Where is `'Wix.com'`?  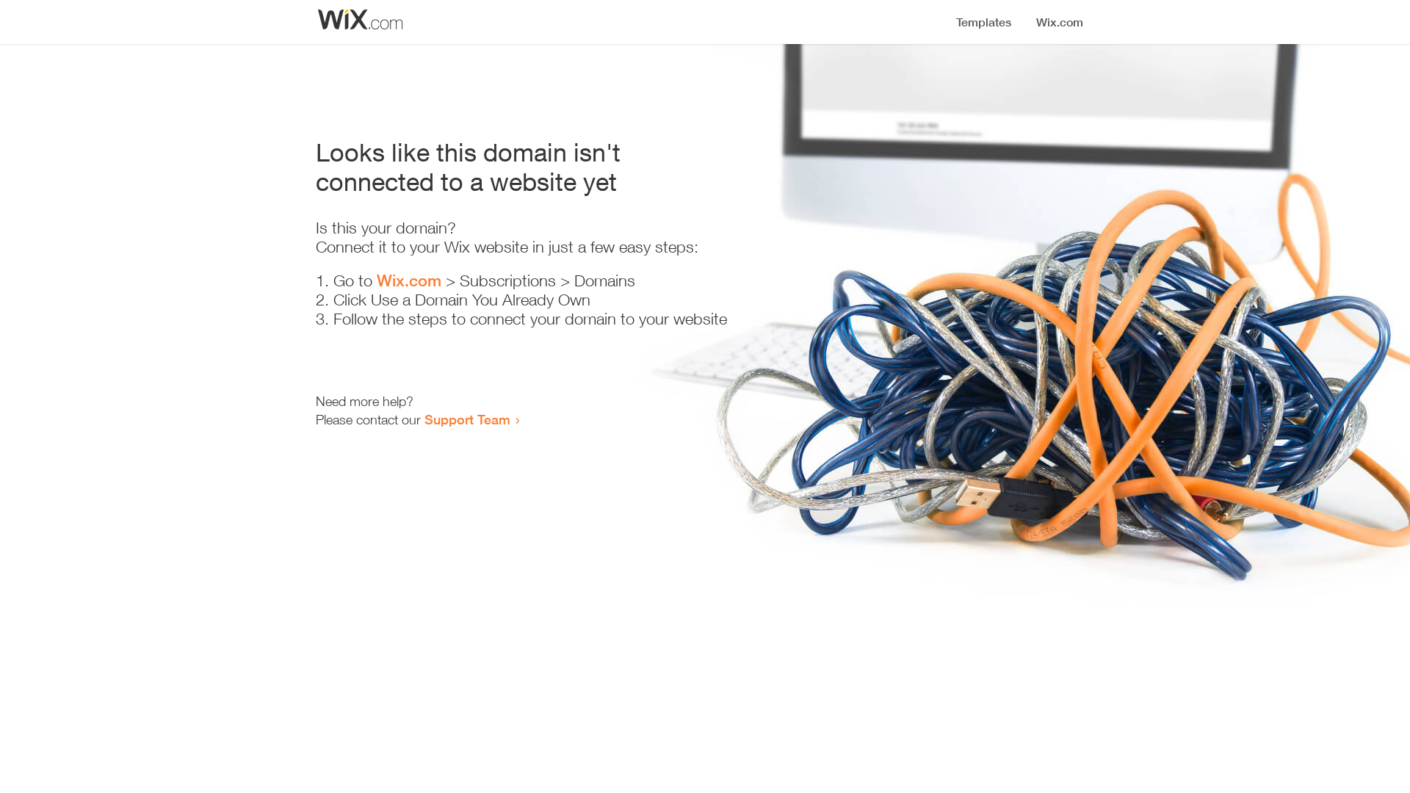 'Wix.com' is located at coordinates (408, 280).